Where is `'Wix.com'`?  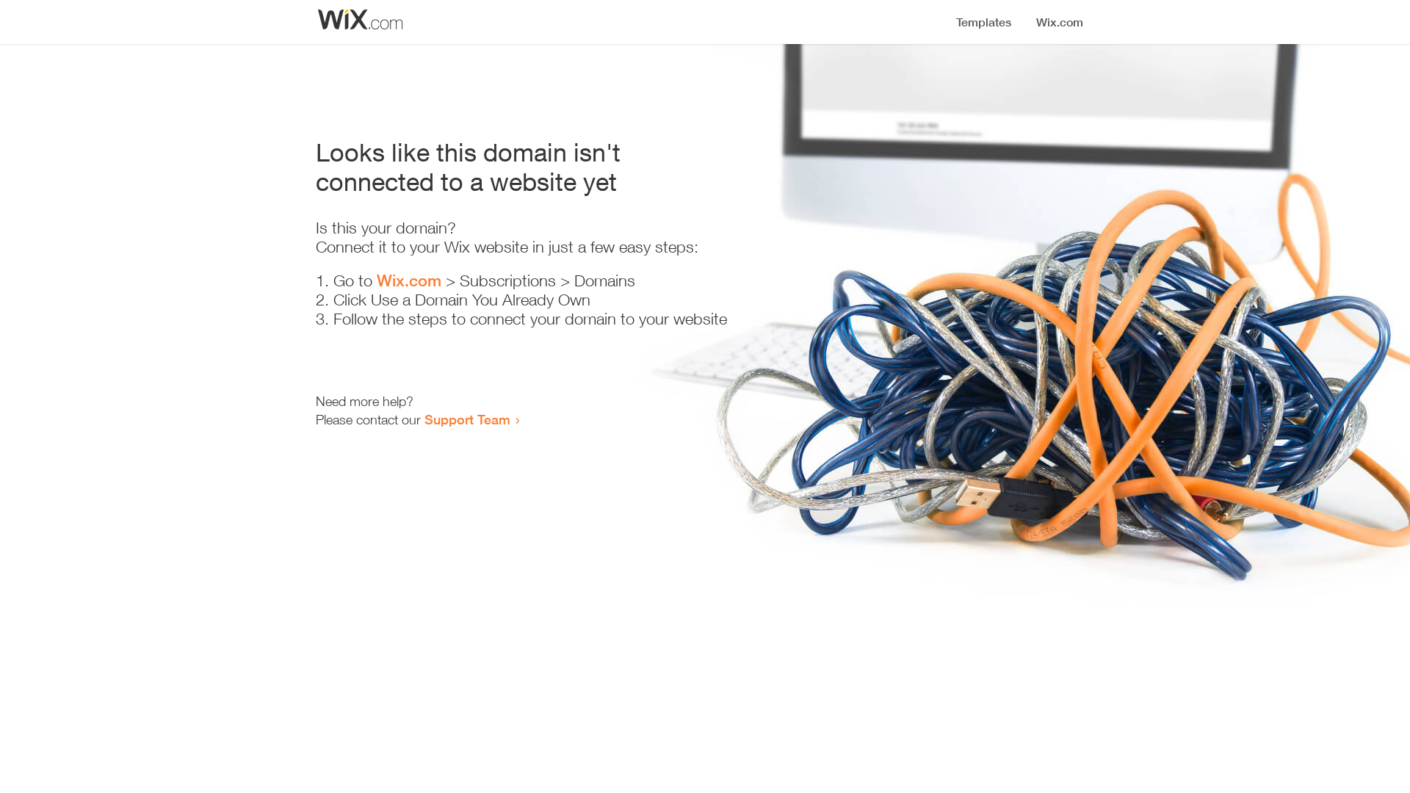 'Wix.com' is located at coordinates (408, 280).